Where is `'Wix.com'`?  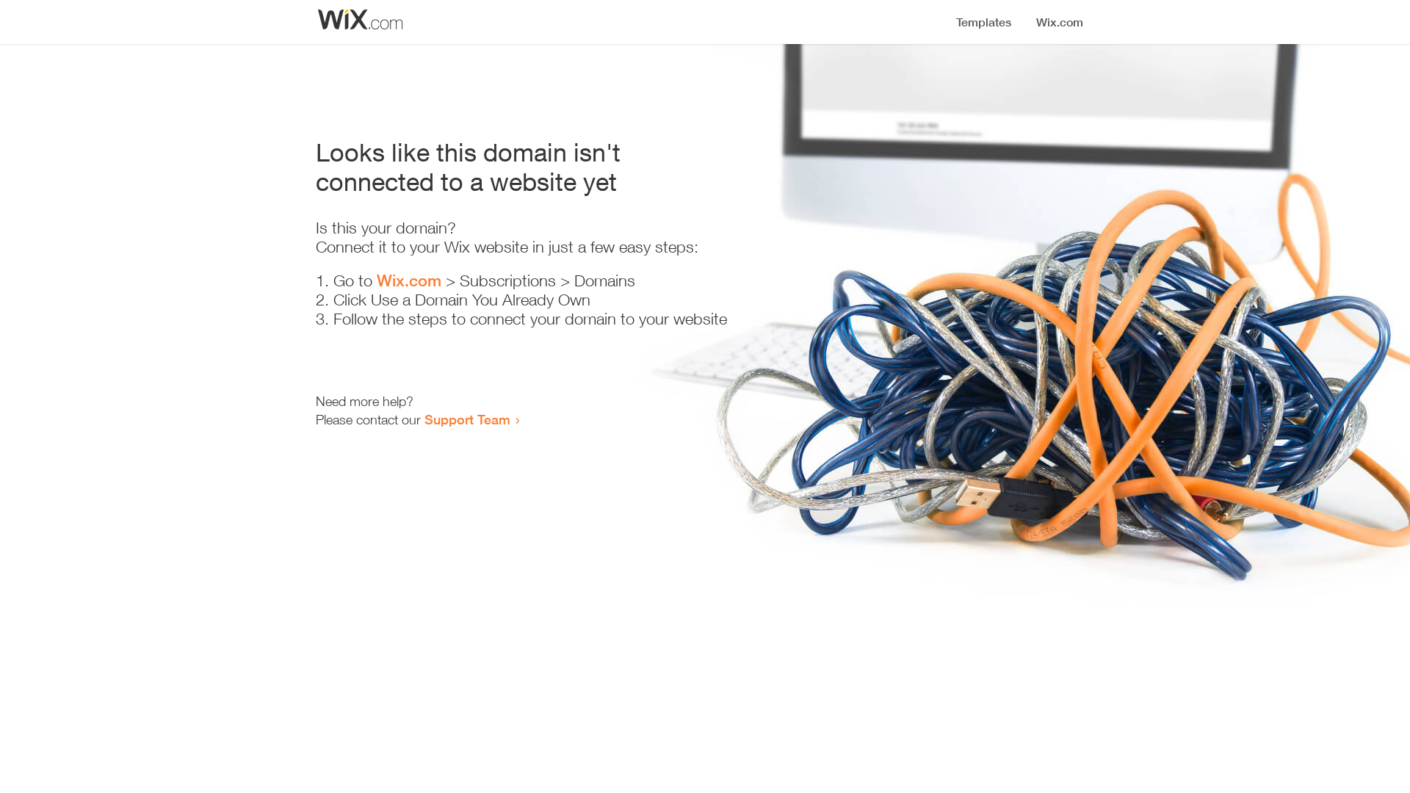 'Wix.com' is located at coordinates (408, 280).